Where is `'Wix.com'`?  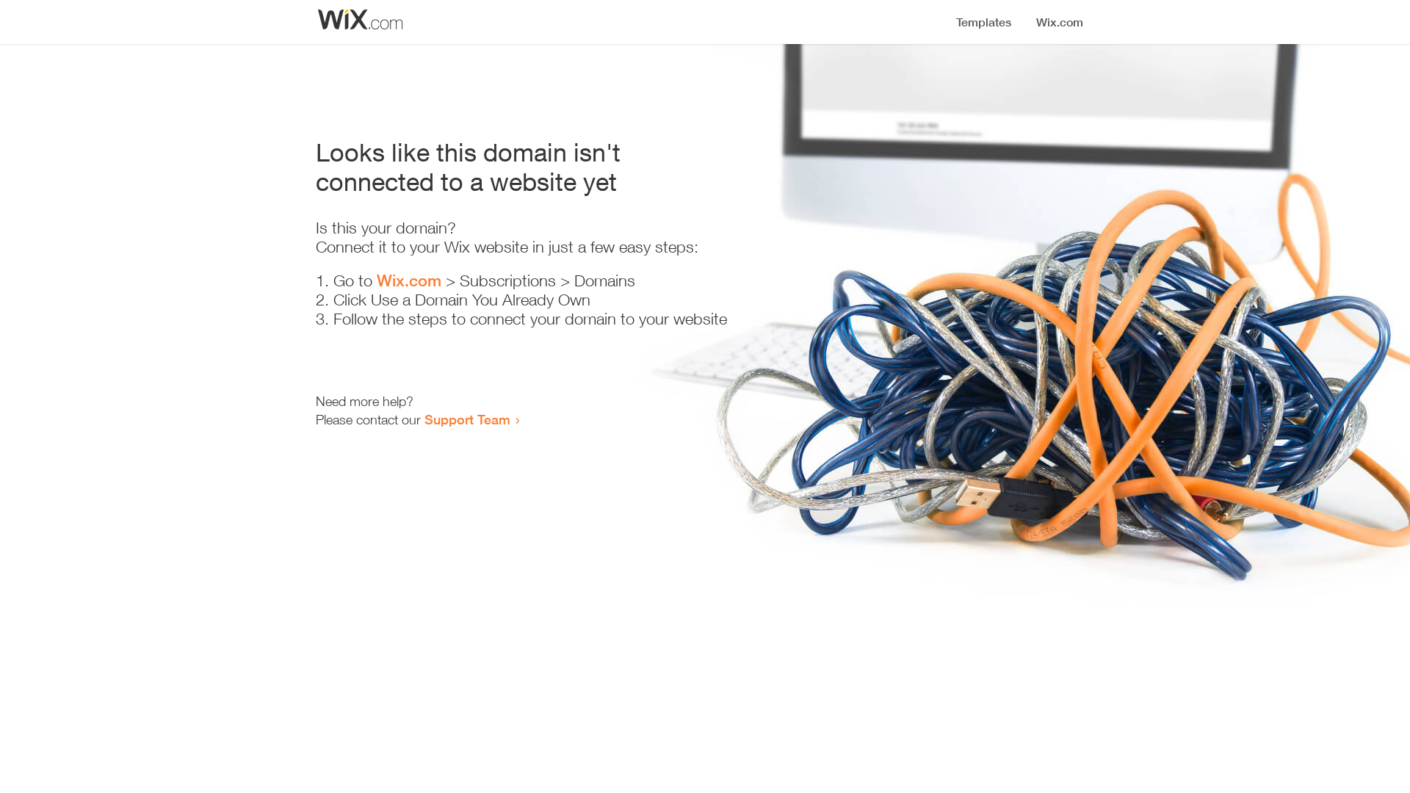 'Wix.com' is located at coordinates (408, 280).